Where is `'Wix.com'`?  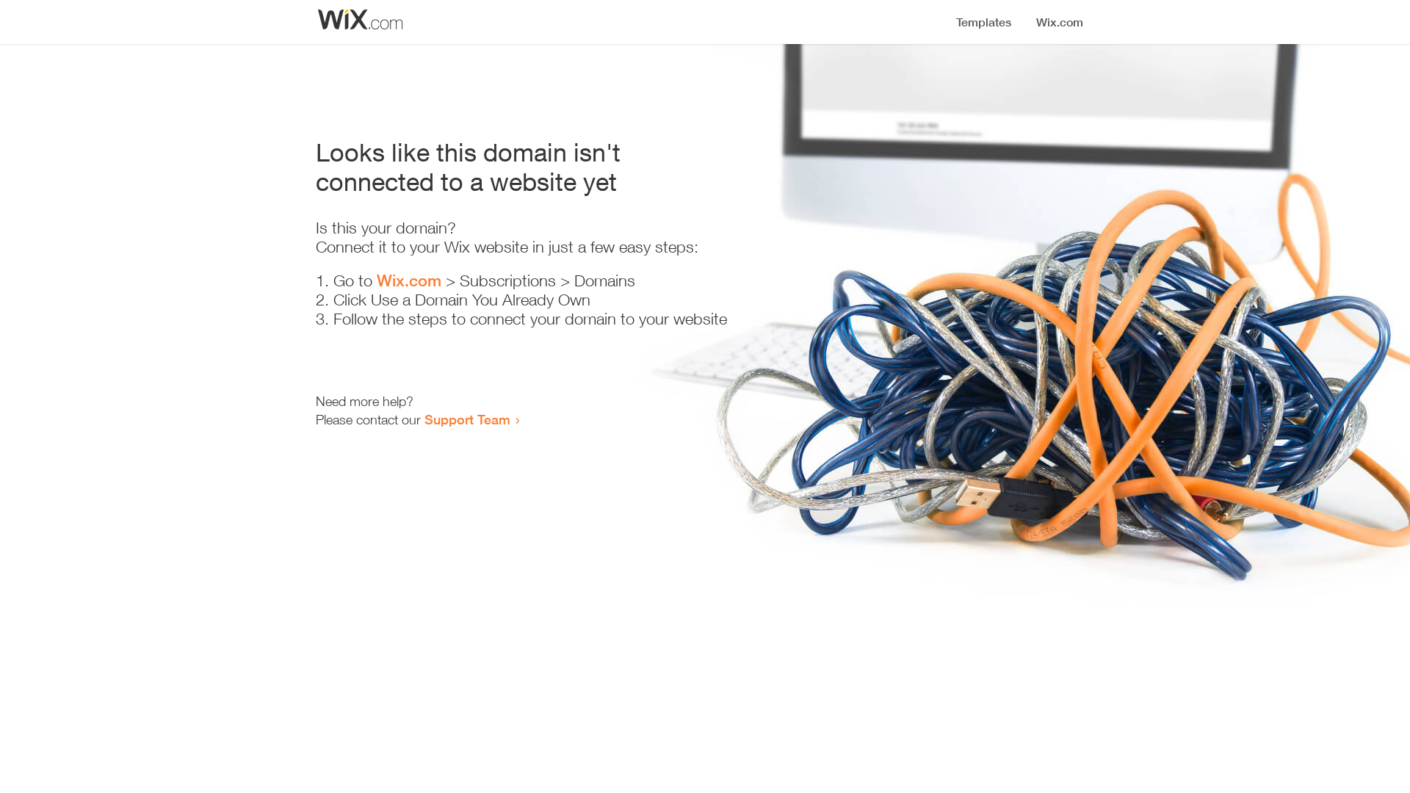 'Wix.com' is located at coordinates (408, 280).